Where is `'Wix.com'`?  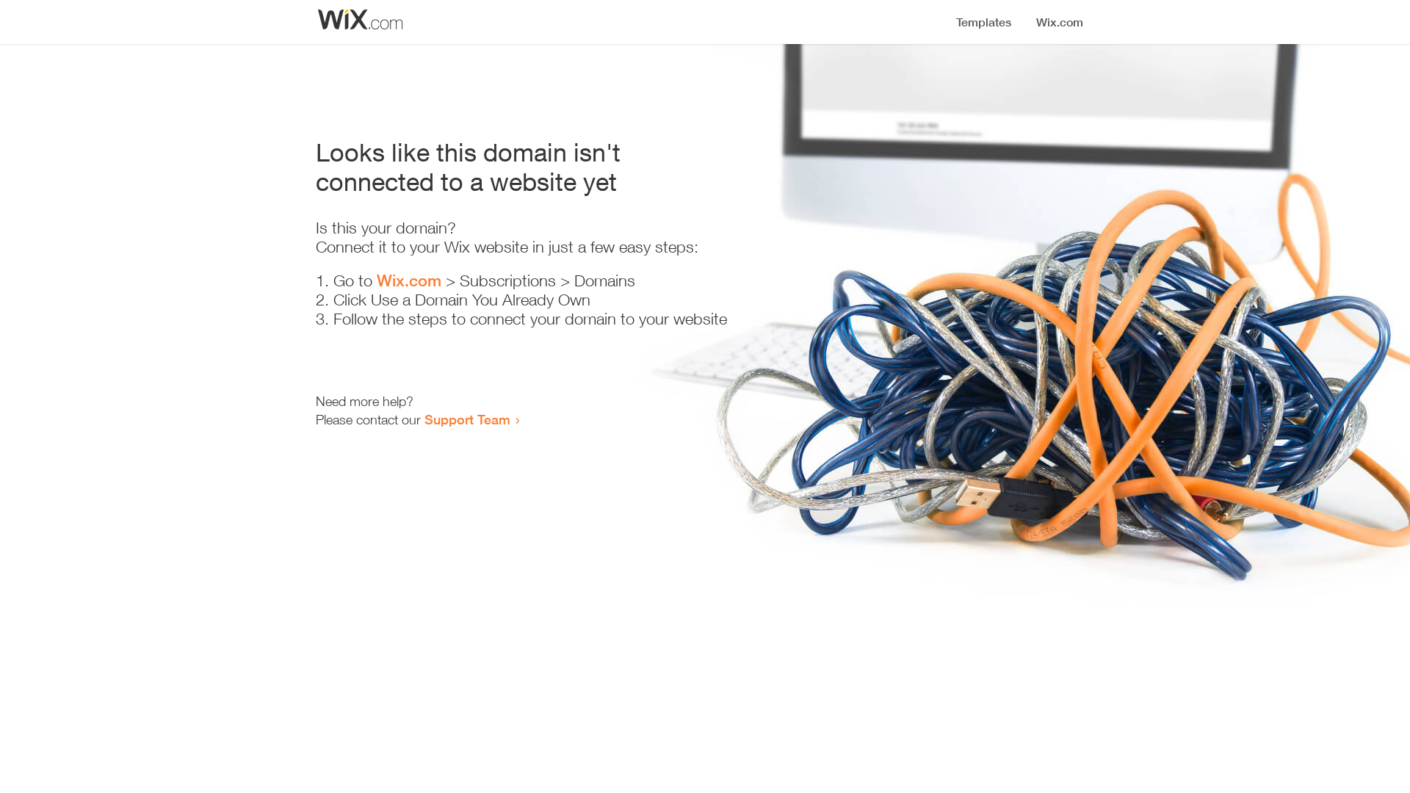 'Wix.com' is located at coordinates (408, 280).